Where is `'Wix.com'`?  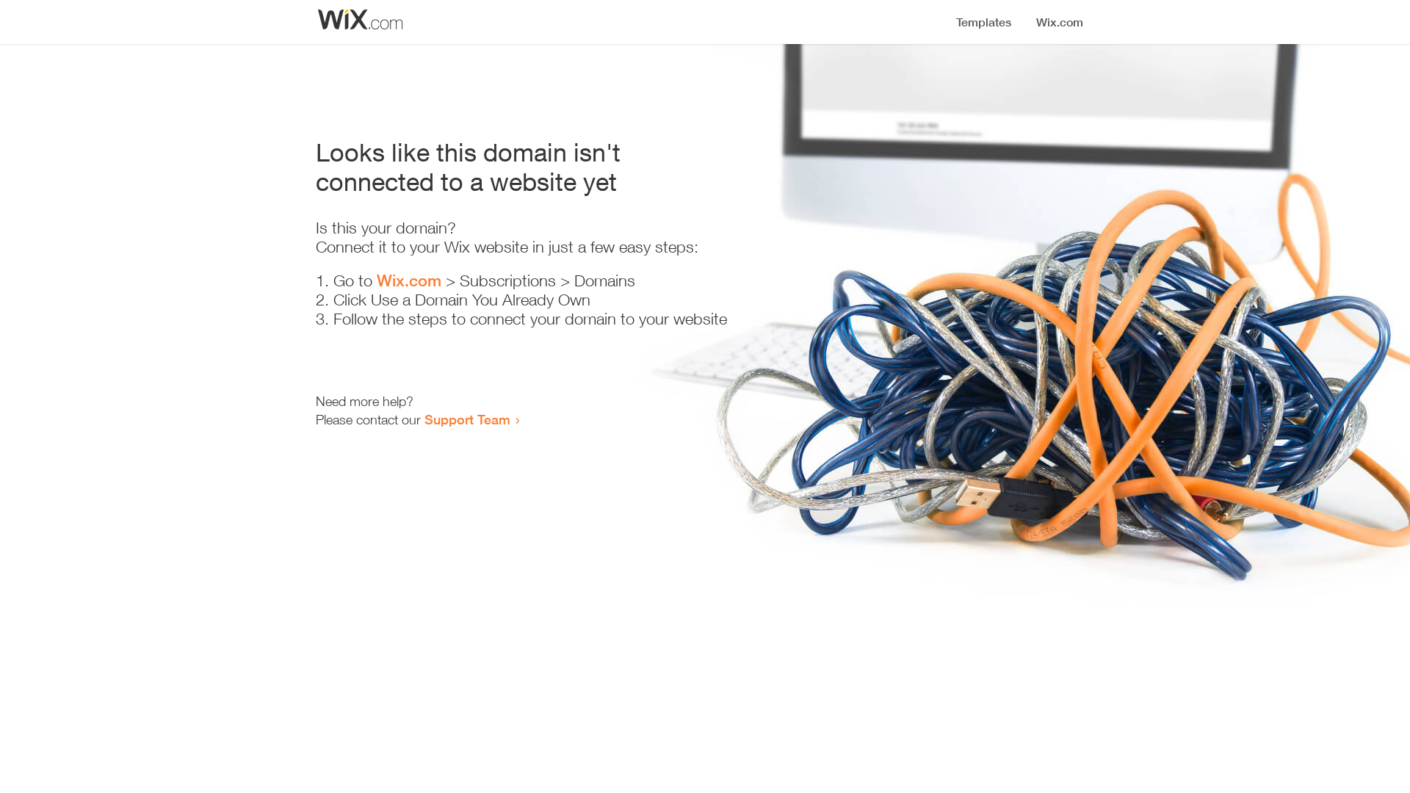 'Wix.com' is located at coordinates (408, 280).